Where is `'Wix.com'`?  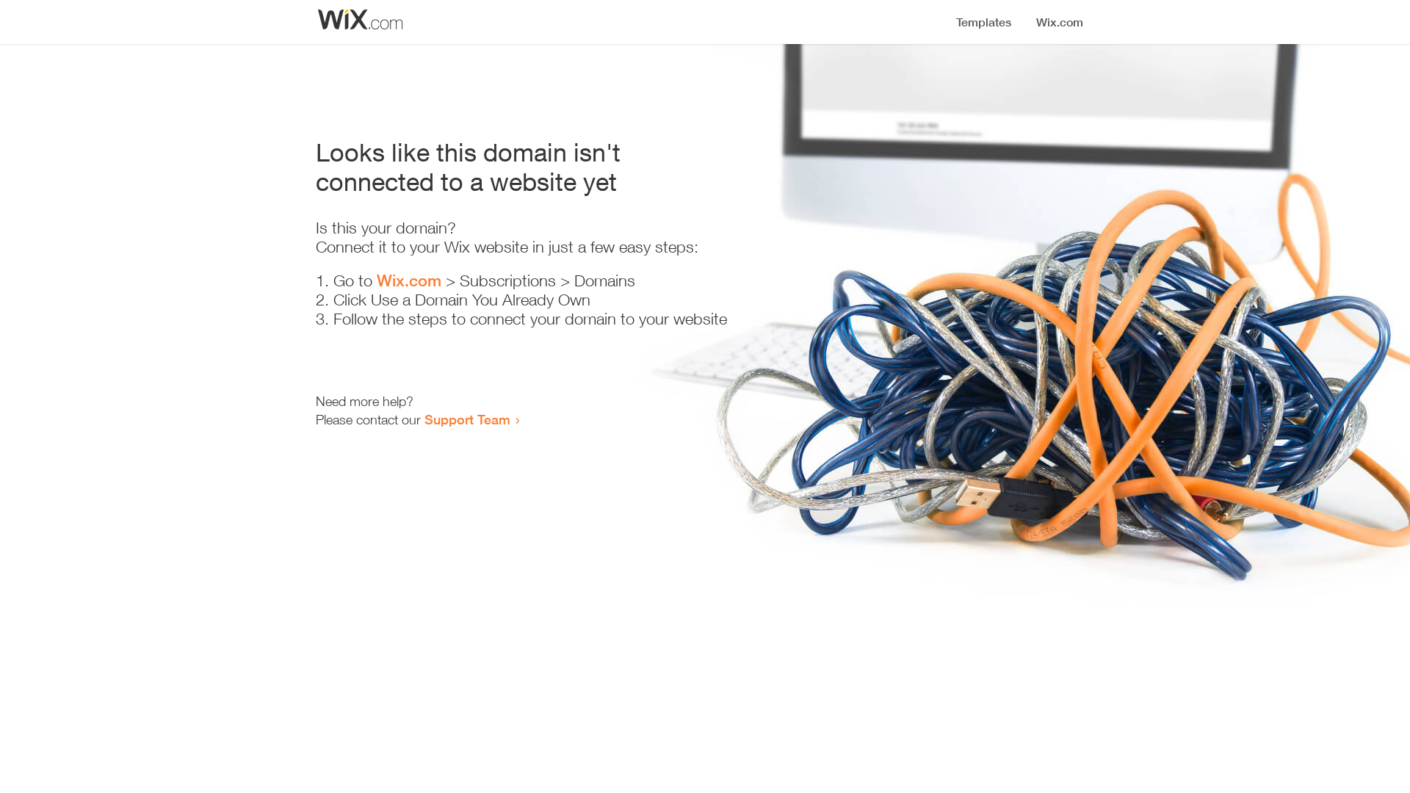 'Wix.com' is located at coordinates (408, 280).